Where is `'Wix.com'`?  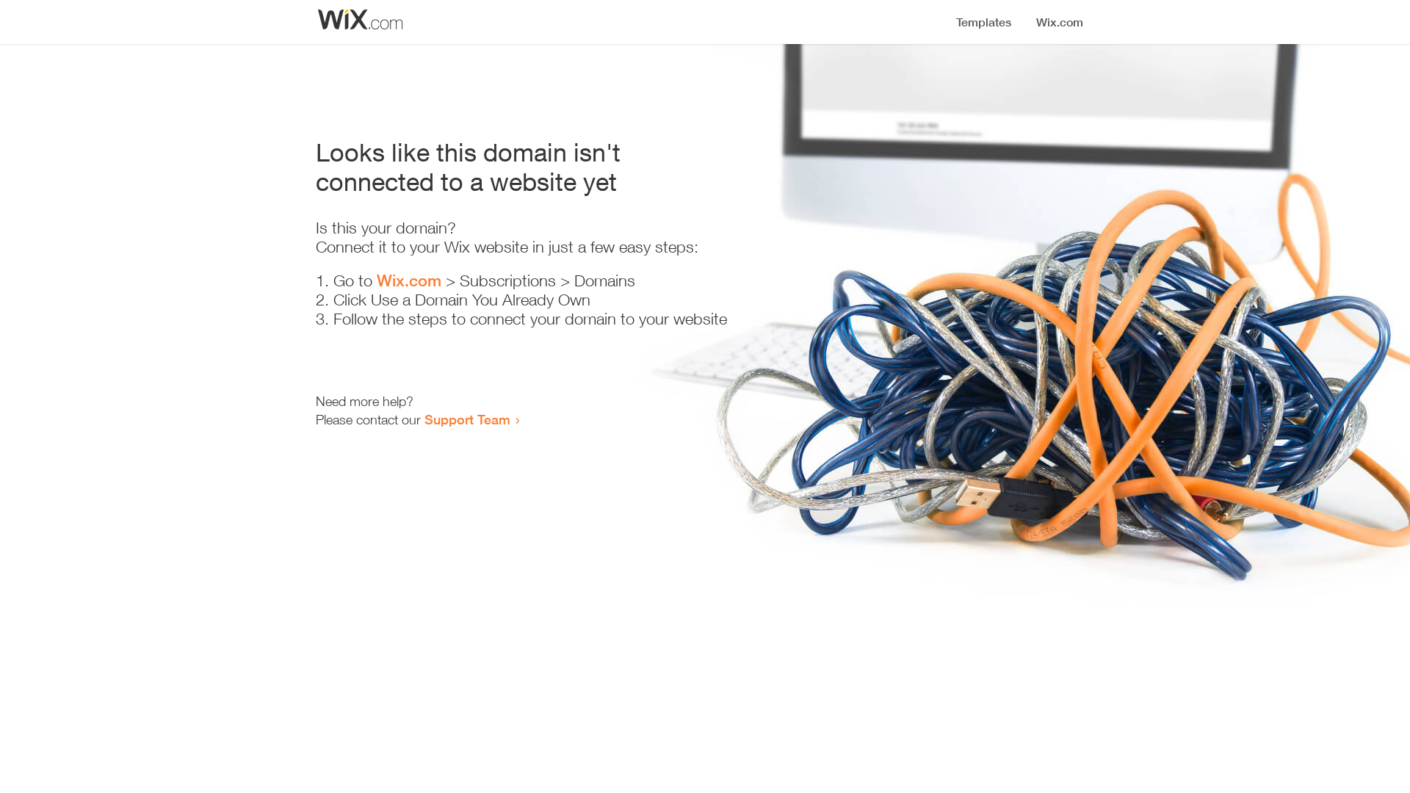 'Wix.com' is located at coordinates (408, 280).